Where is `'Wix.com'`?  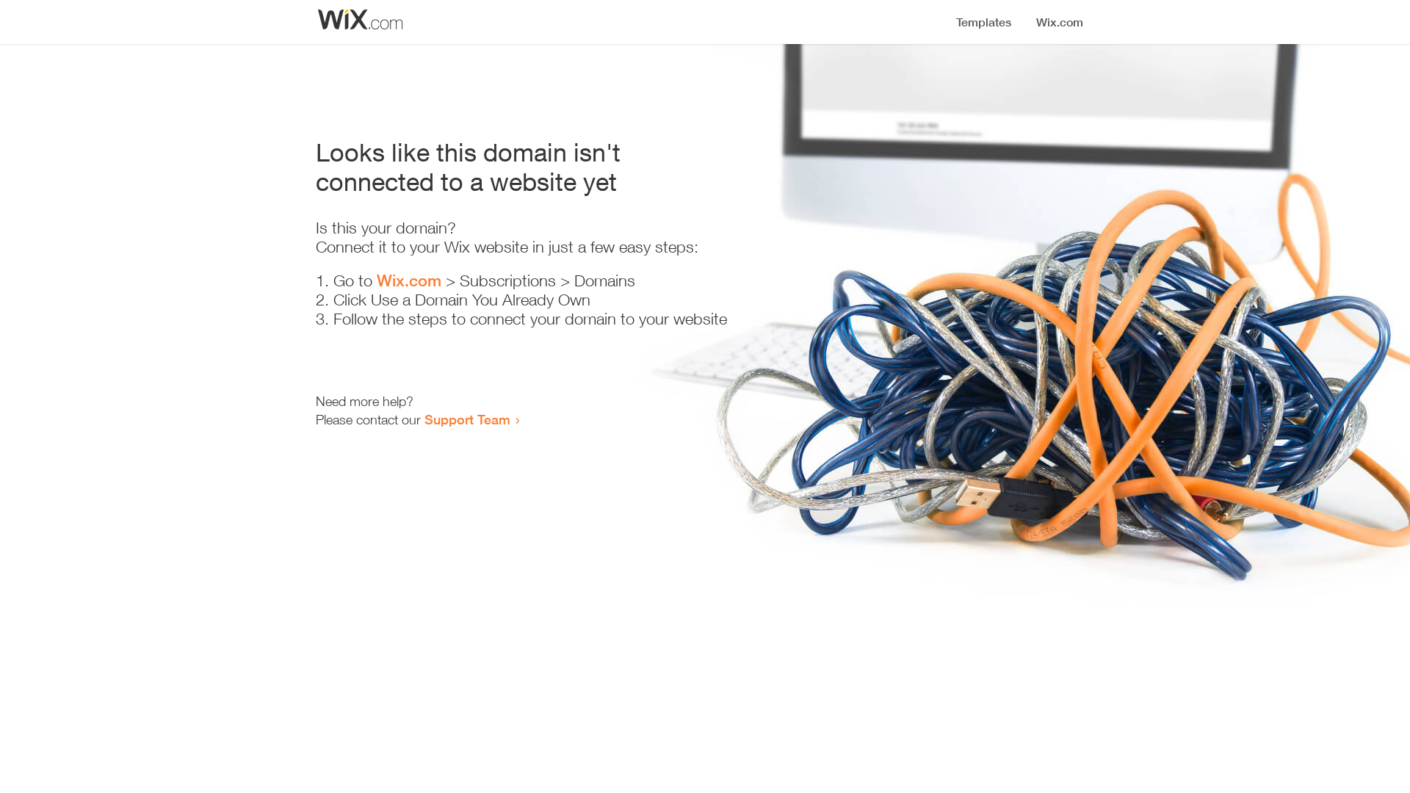 'Wix.com' is located at coordinates (408, 280).